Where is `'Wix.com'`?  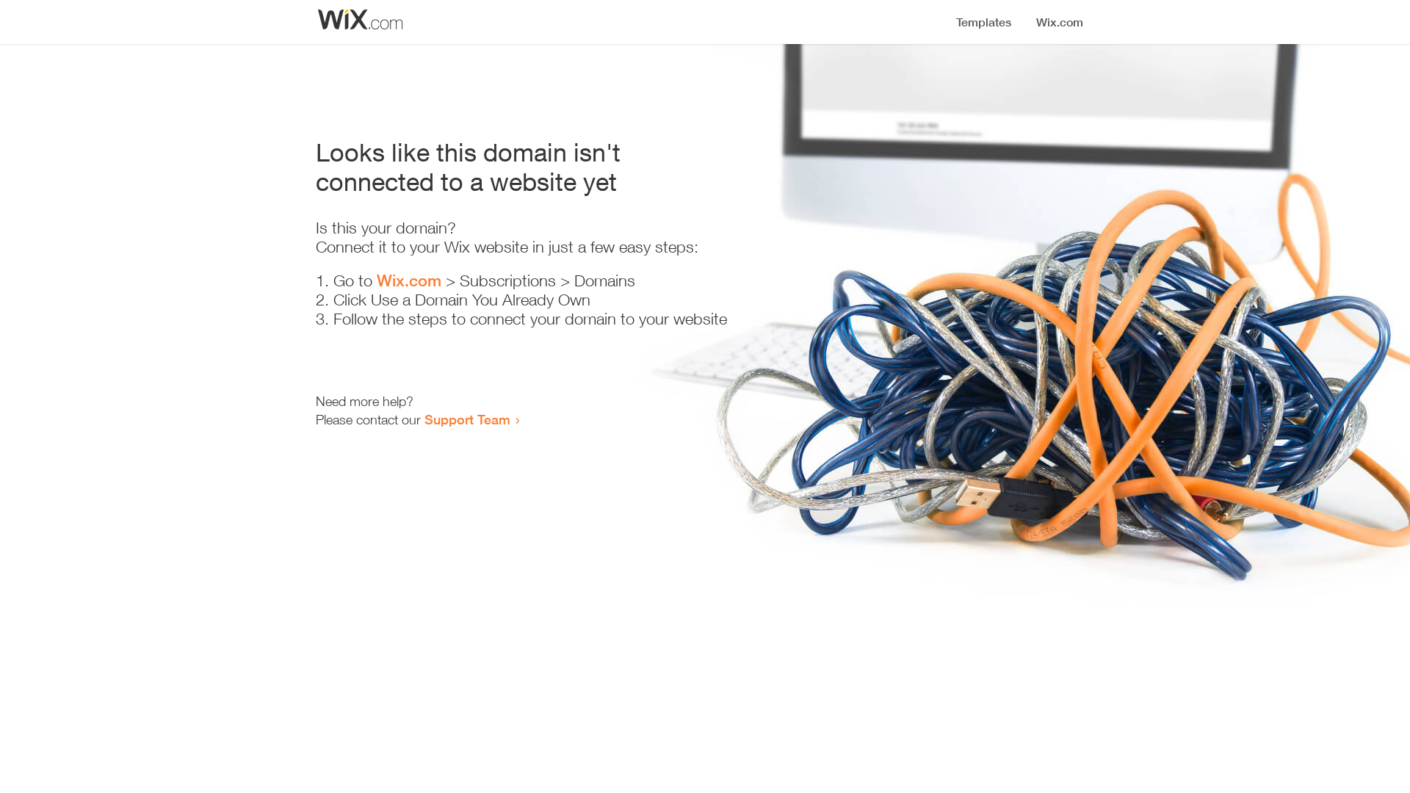 'Wix.com' is located at coordinates (408, 280).